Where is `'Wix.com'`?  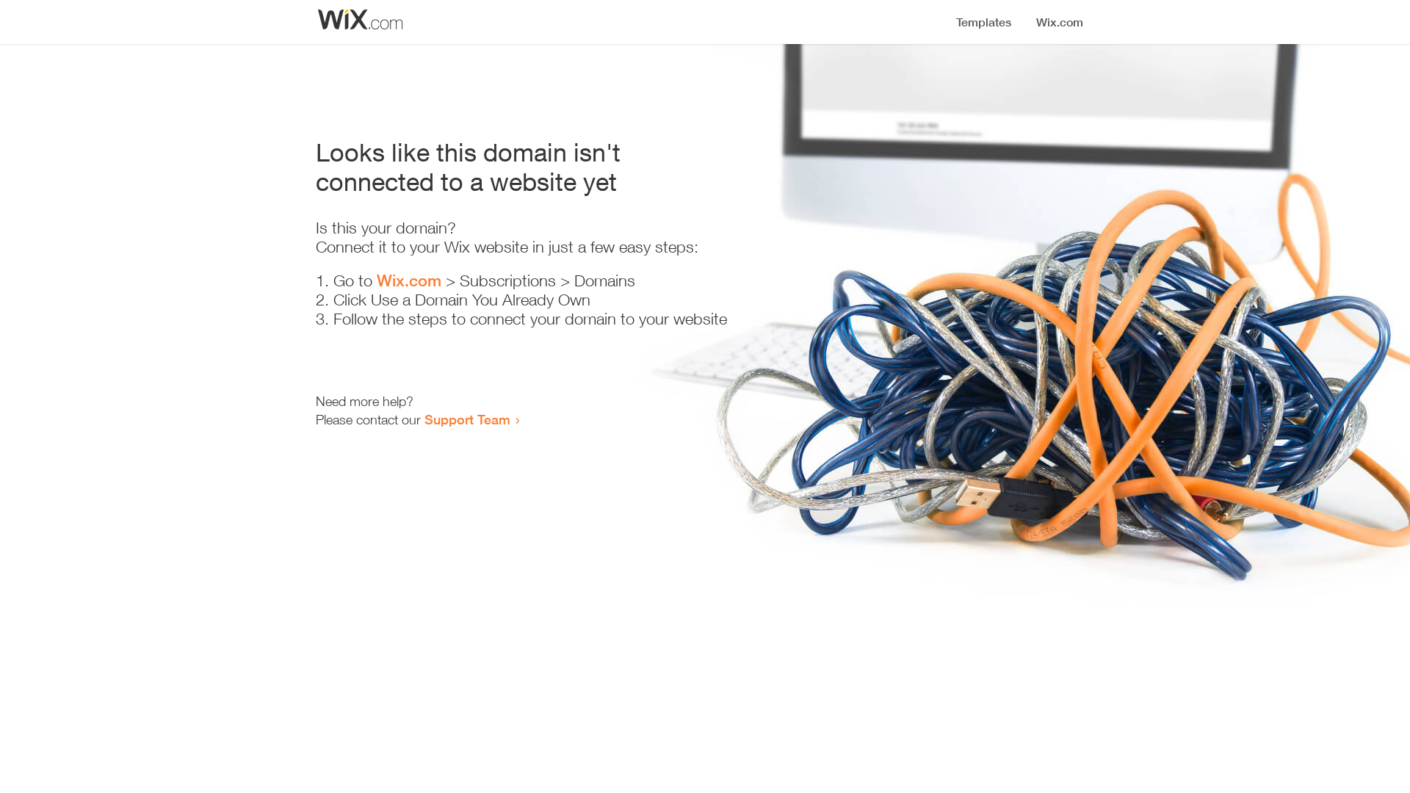 'Wix.com' is located at coordinates (408, 280).